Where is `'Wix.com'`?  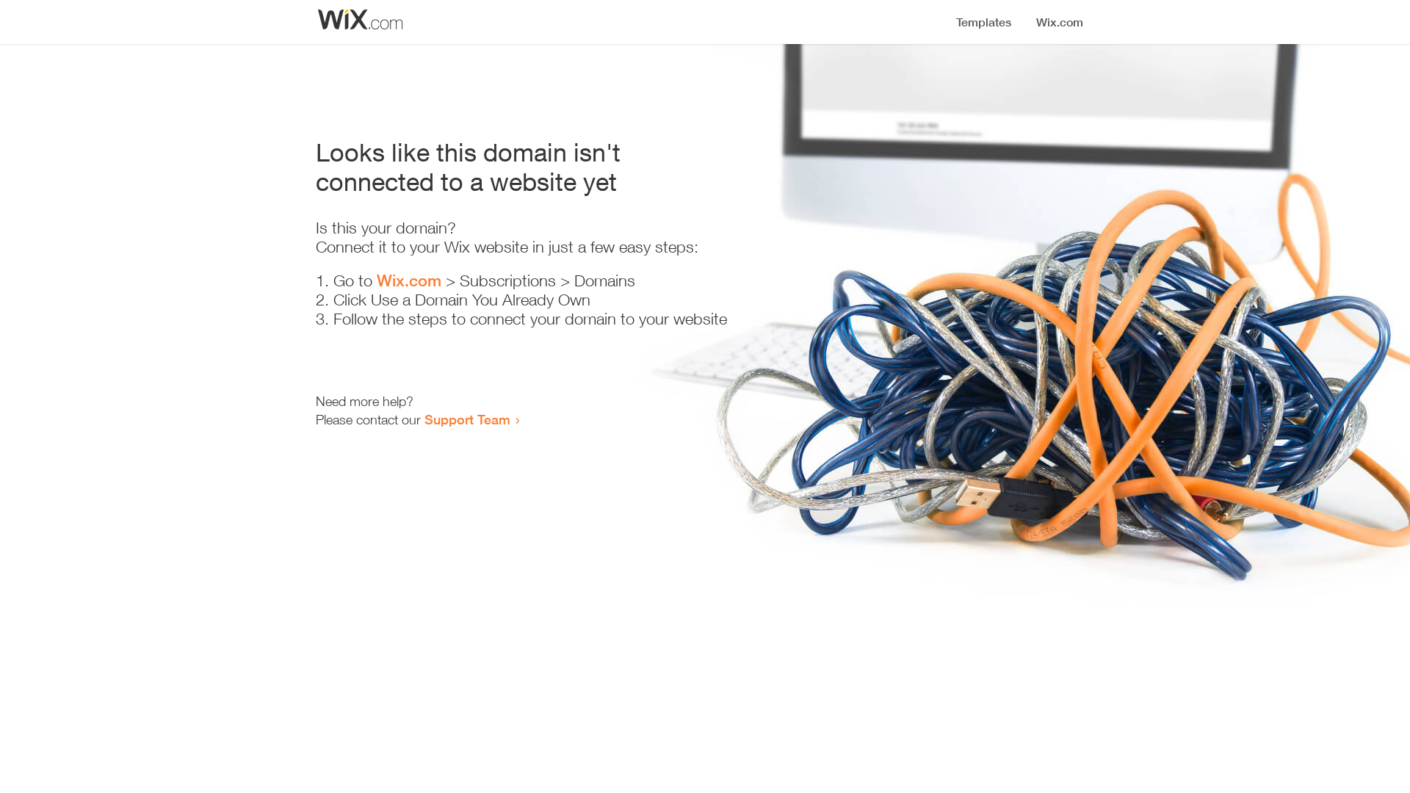 'Wix.com' is located at coordinates (408, 280).